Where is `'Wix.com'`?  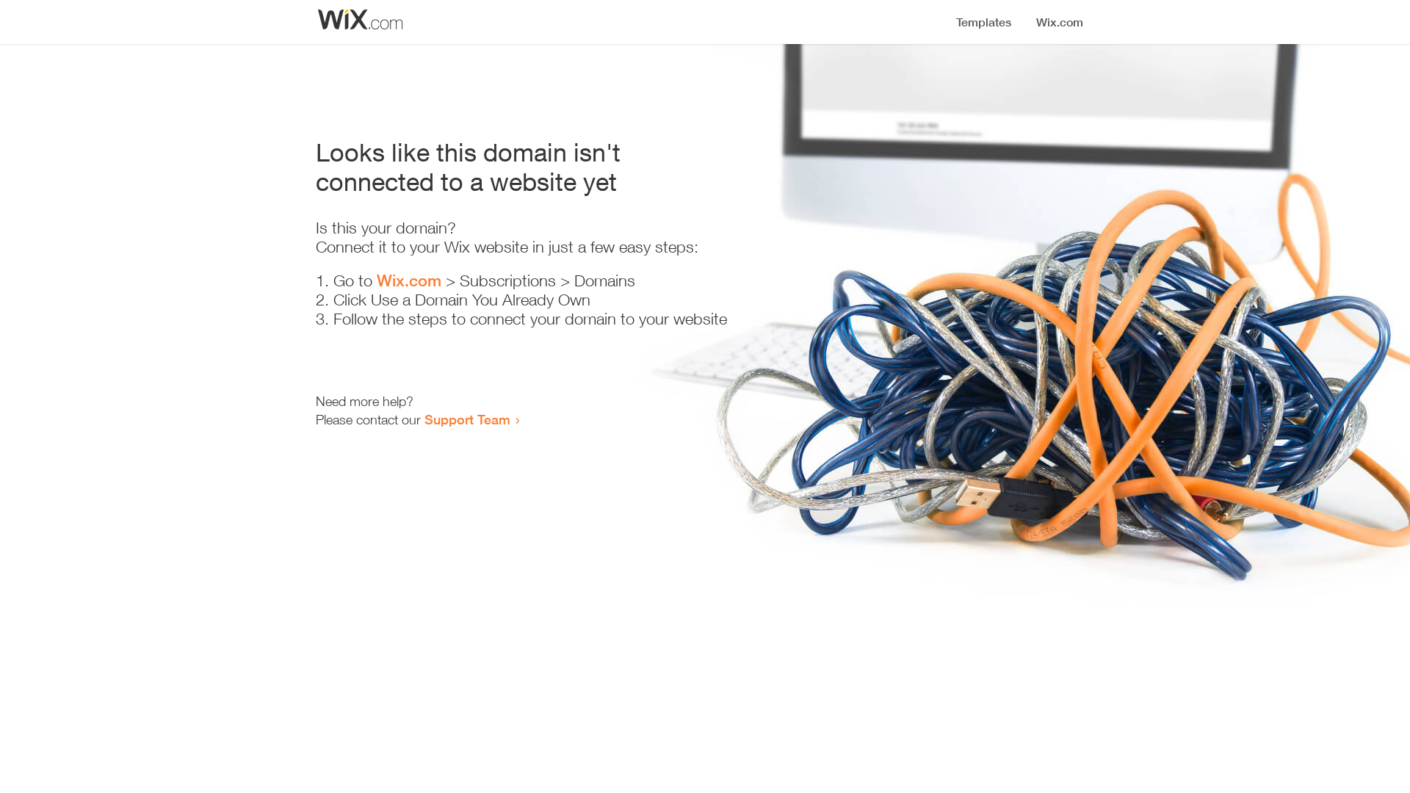 'Wix.com' is located at coordinates (408, 280).